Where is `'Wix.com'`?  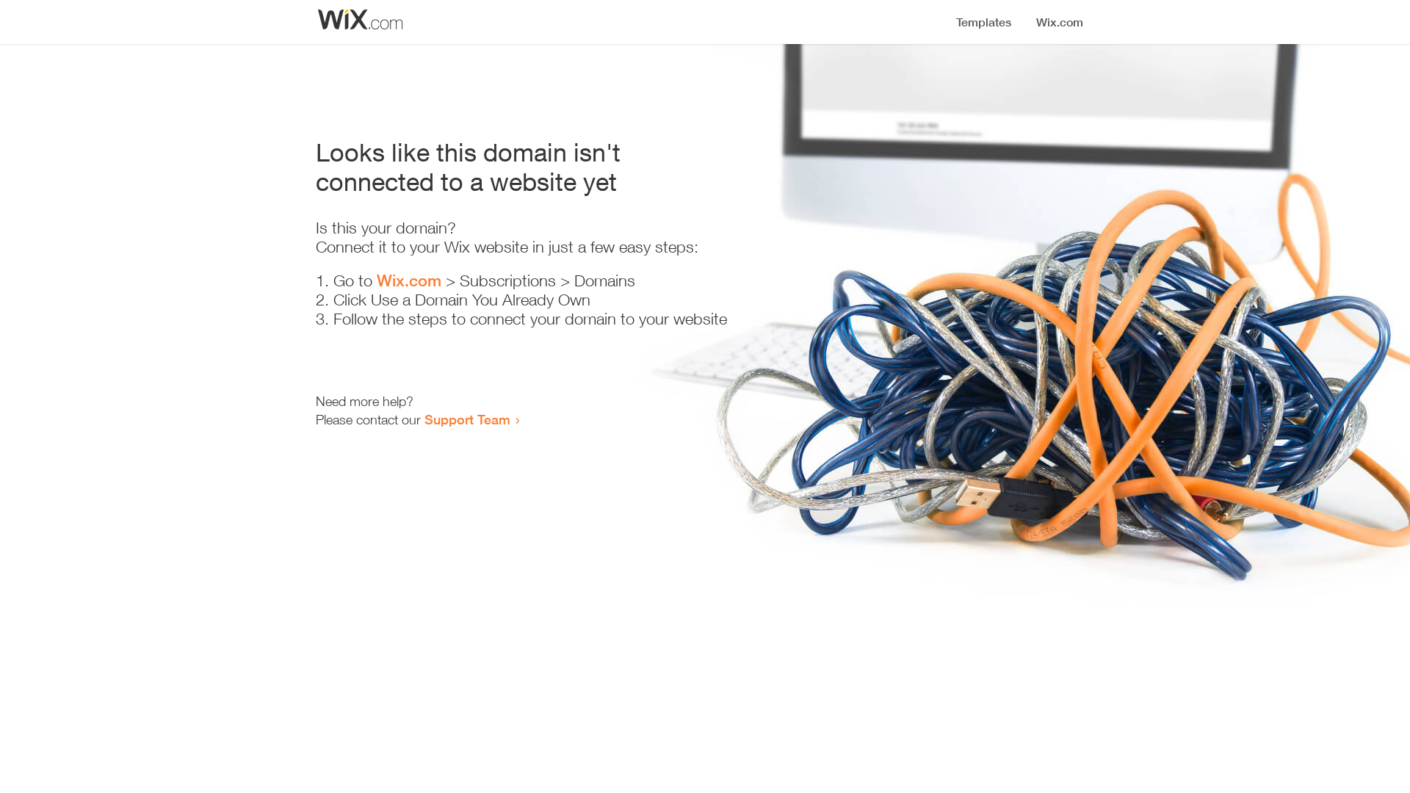 'Wix.com' is located at coordinates (408, 280).